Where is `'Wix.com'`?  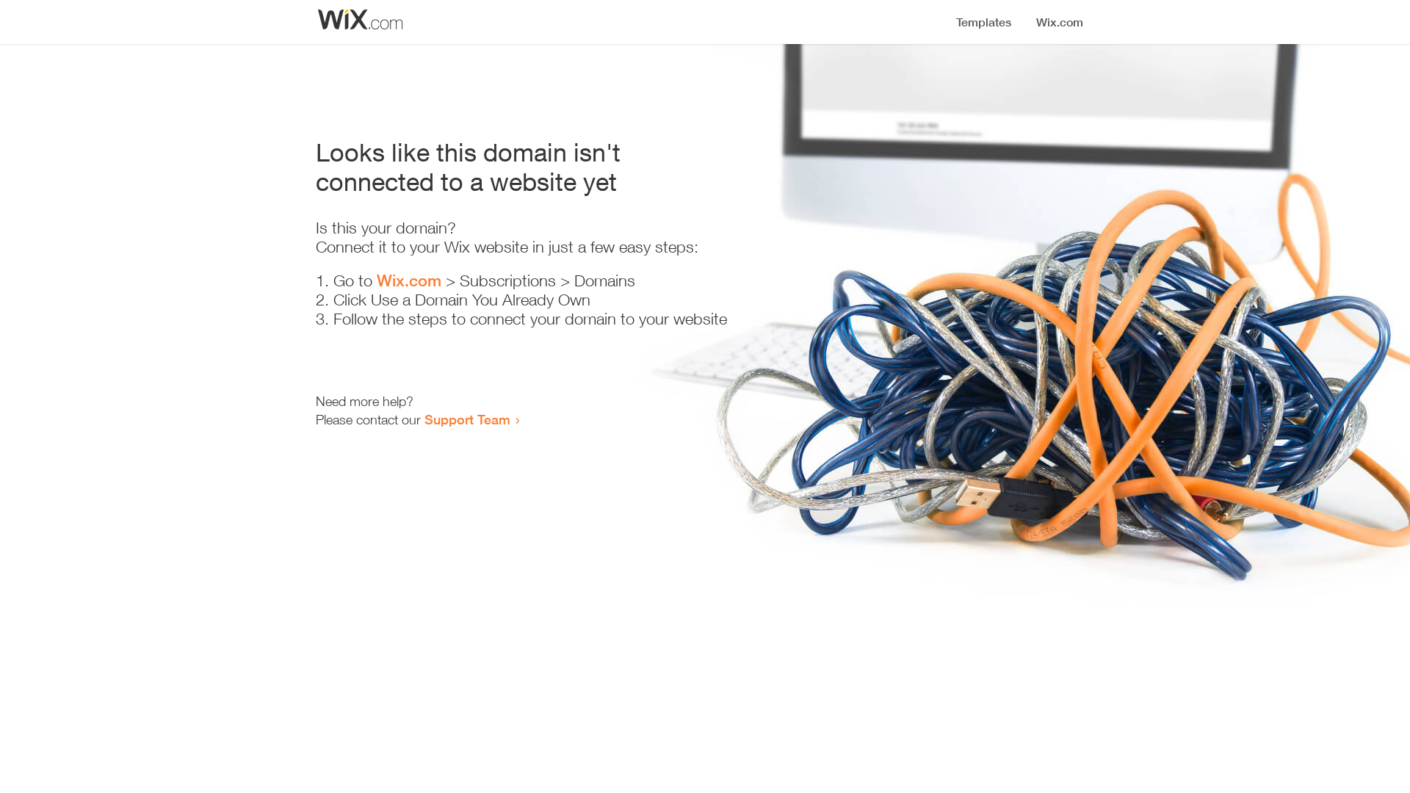 'Wix.com' is located at coordinates (408, 280).